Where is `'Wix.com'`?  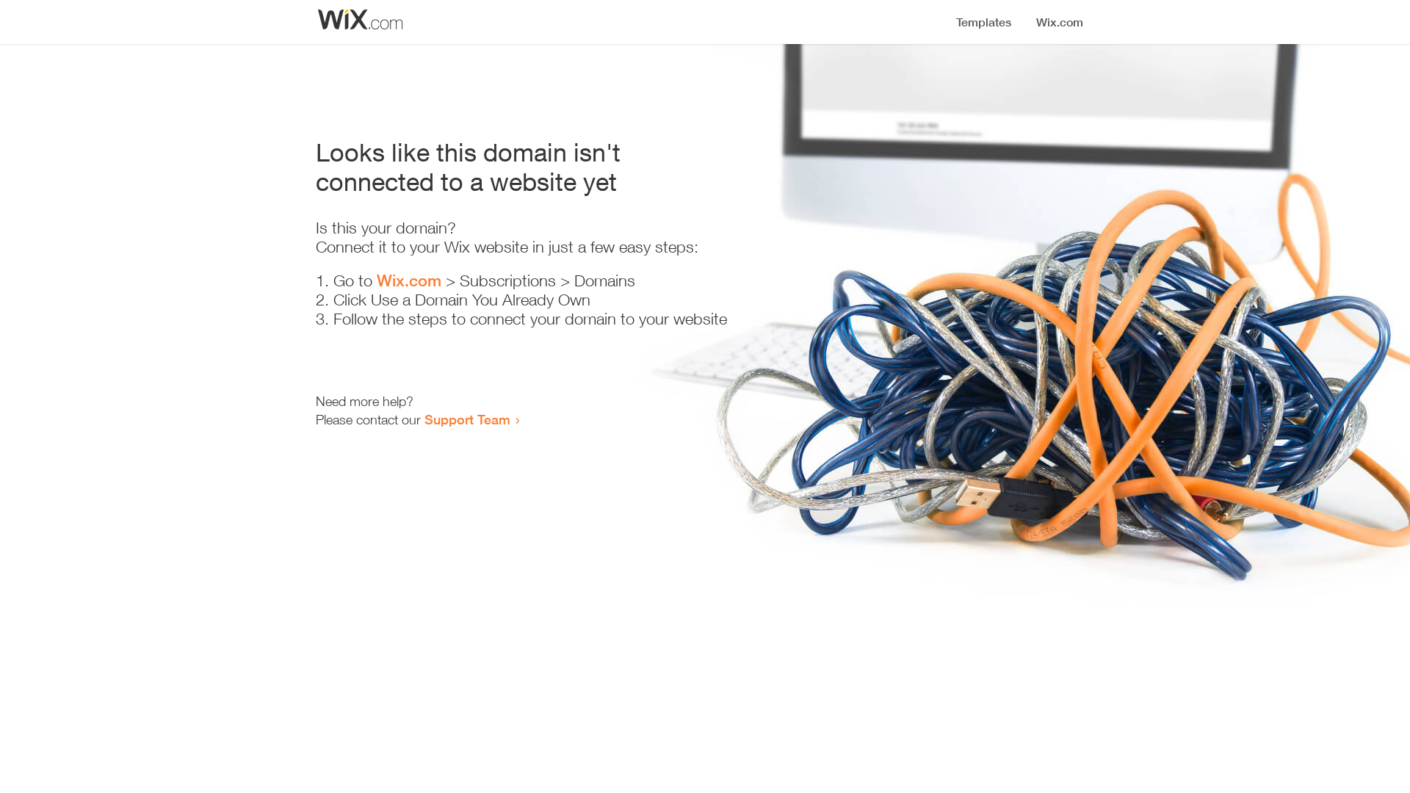 'Wix.com' is located at coordinates (408, 280).